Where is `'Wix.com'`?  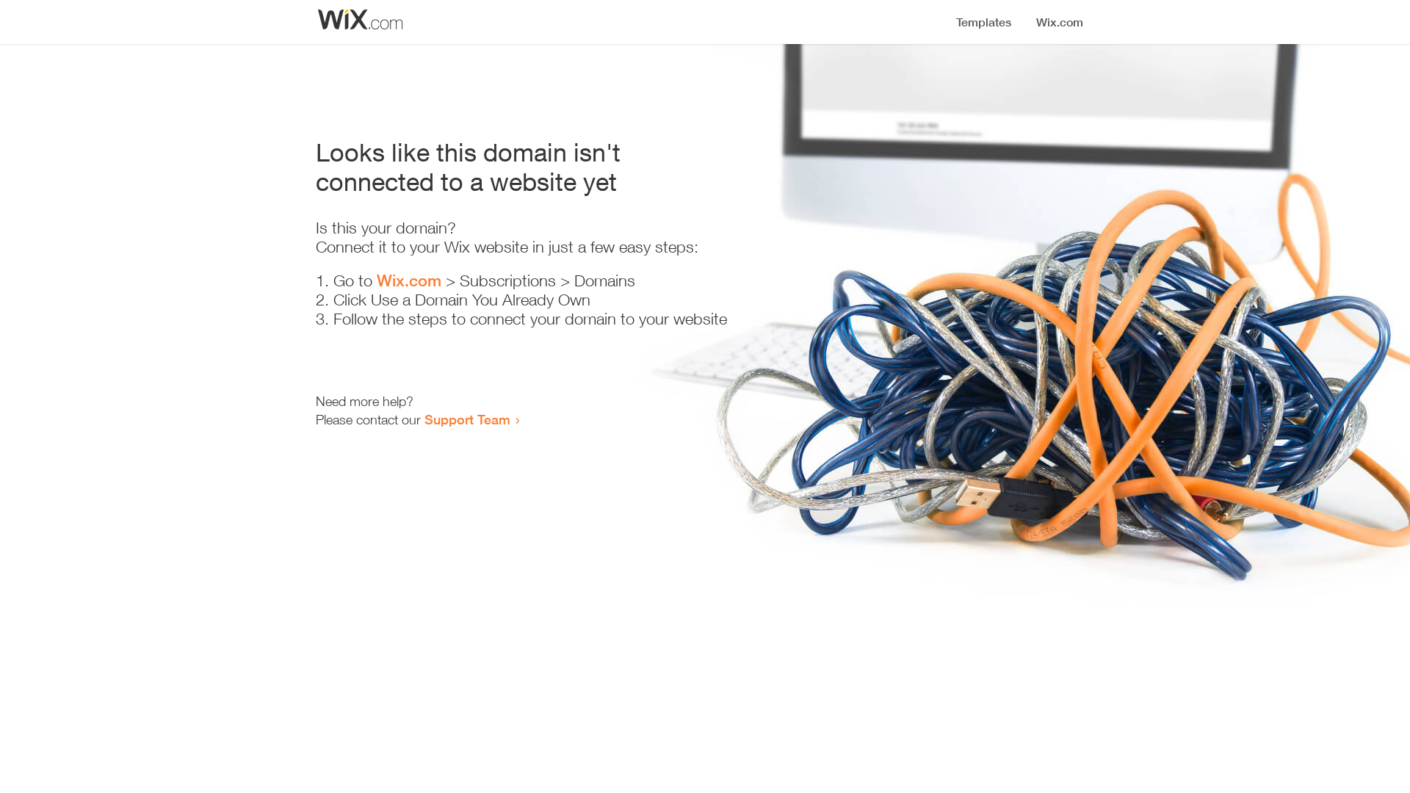 'Wix.com' is located at coordinates (408, 280).